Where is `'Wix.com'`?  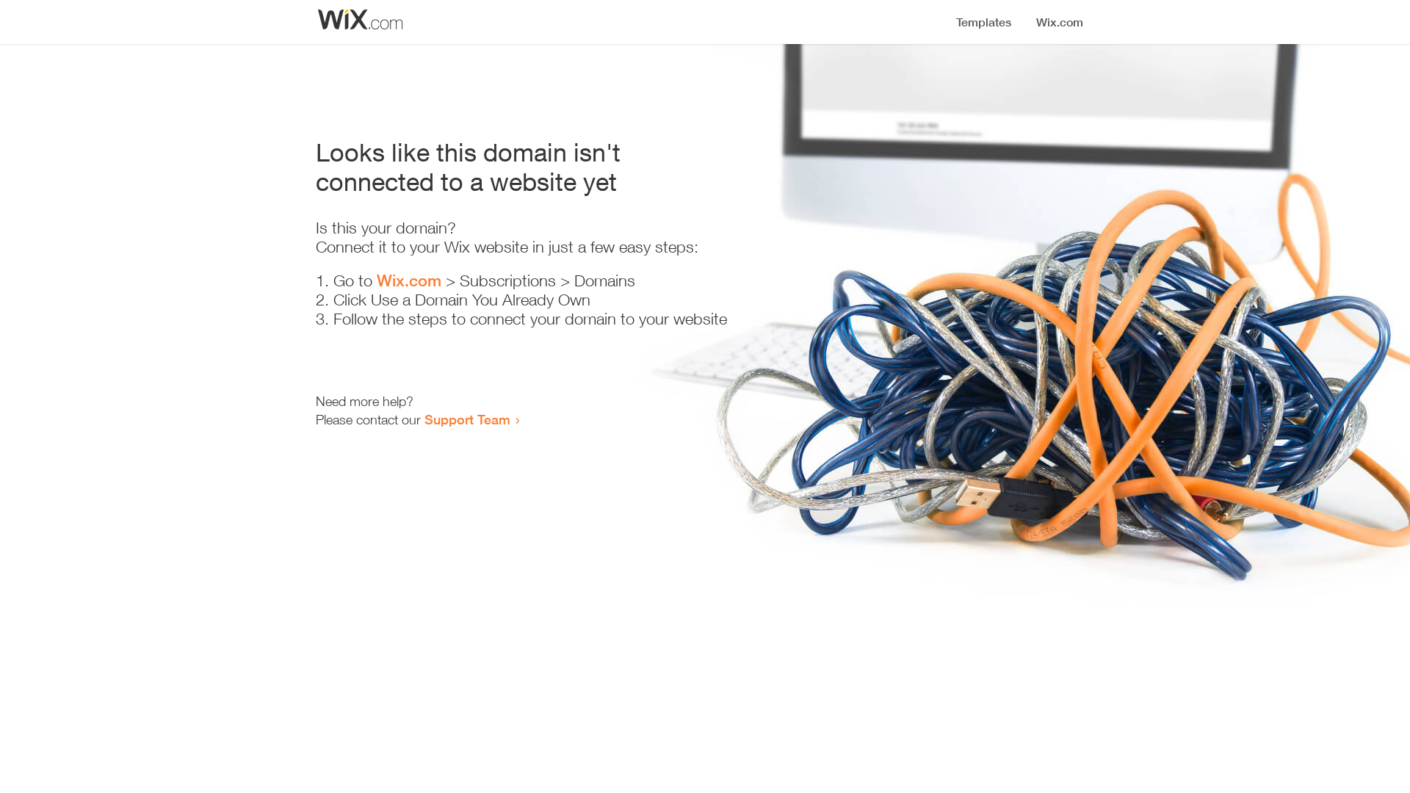 'Wix.com' is located at coordinates (408, 280).